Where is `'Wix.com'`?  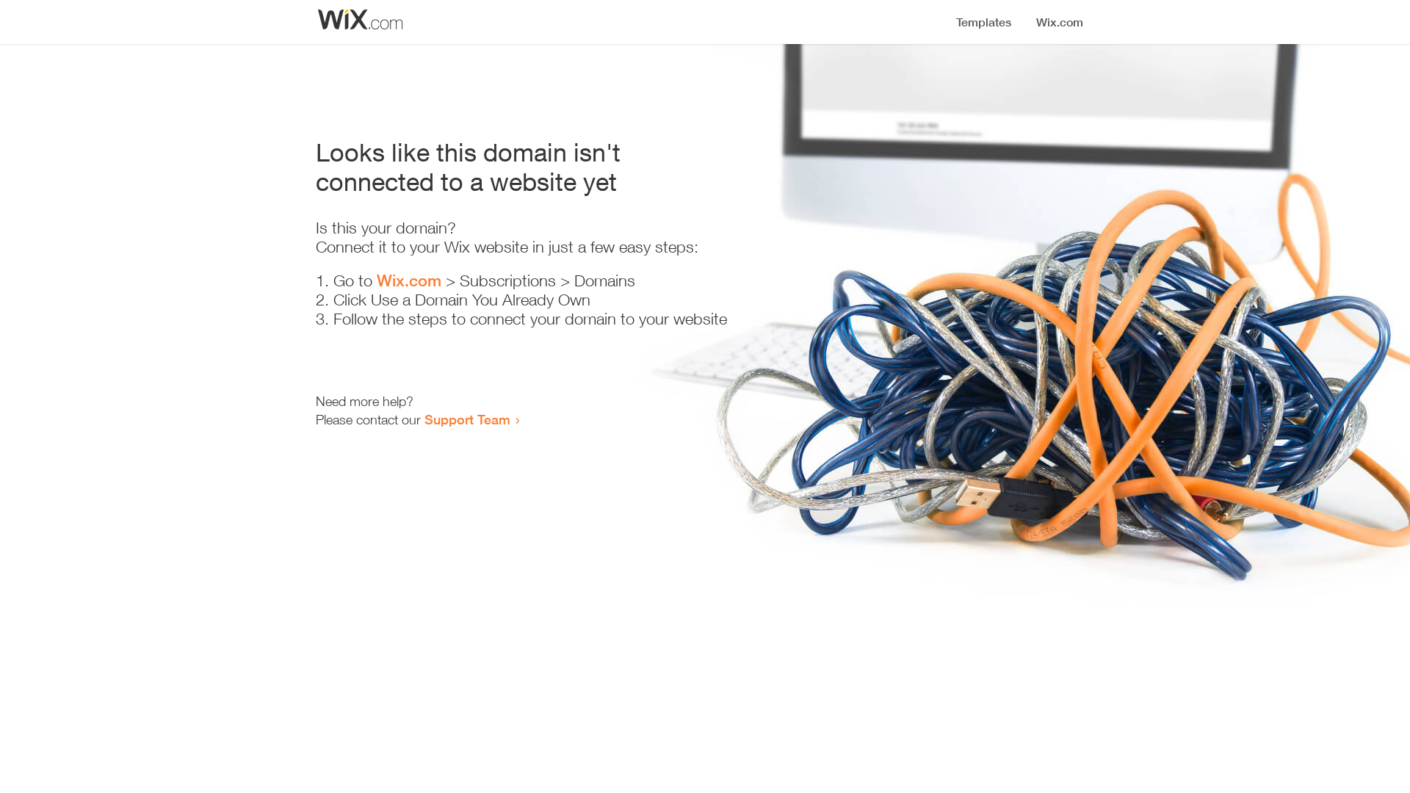 'Wix.com' is located at coordinates (408, 280).